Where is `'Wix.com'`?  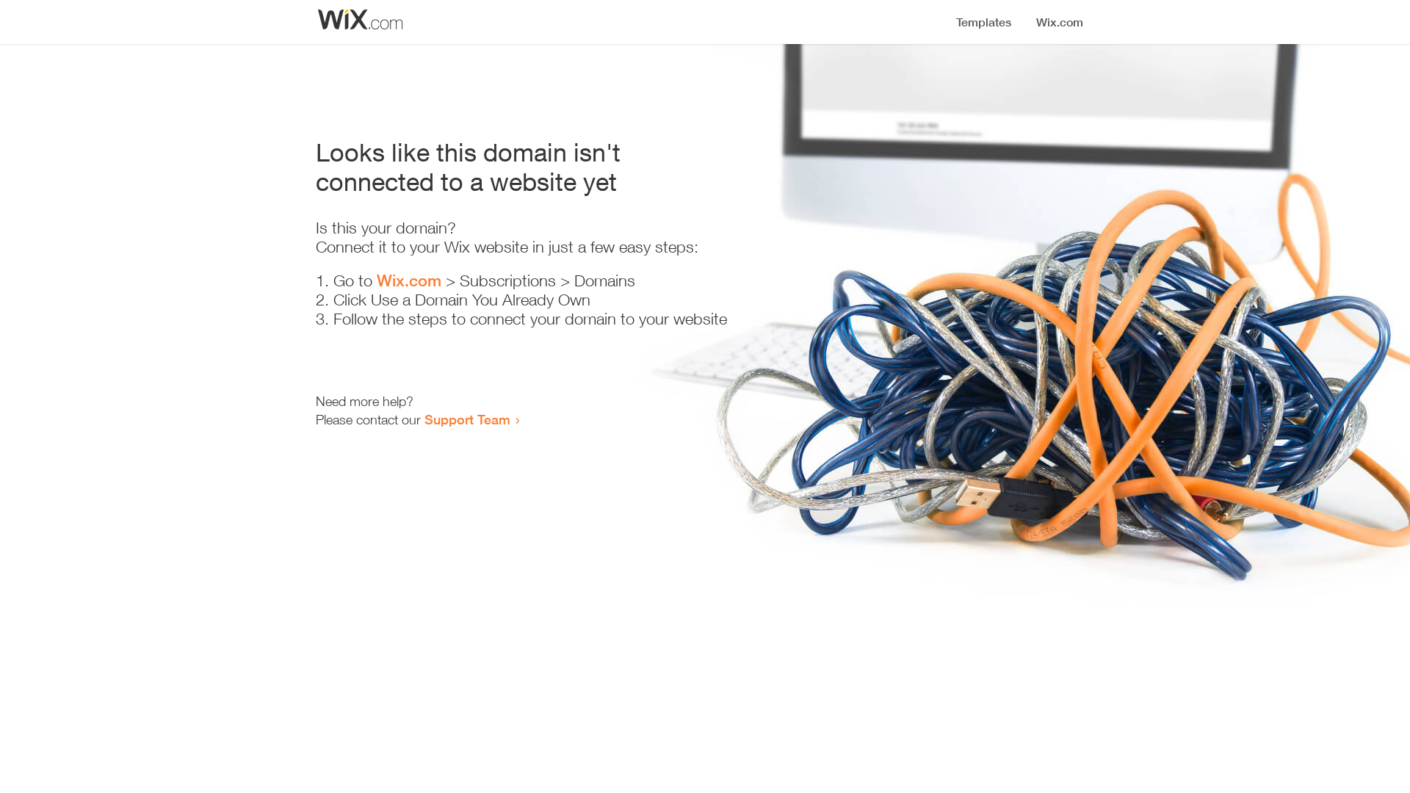 'Wix.com' is located at coordinates (408, 280).